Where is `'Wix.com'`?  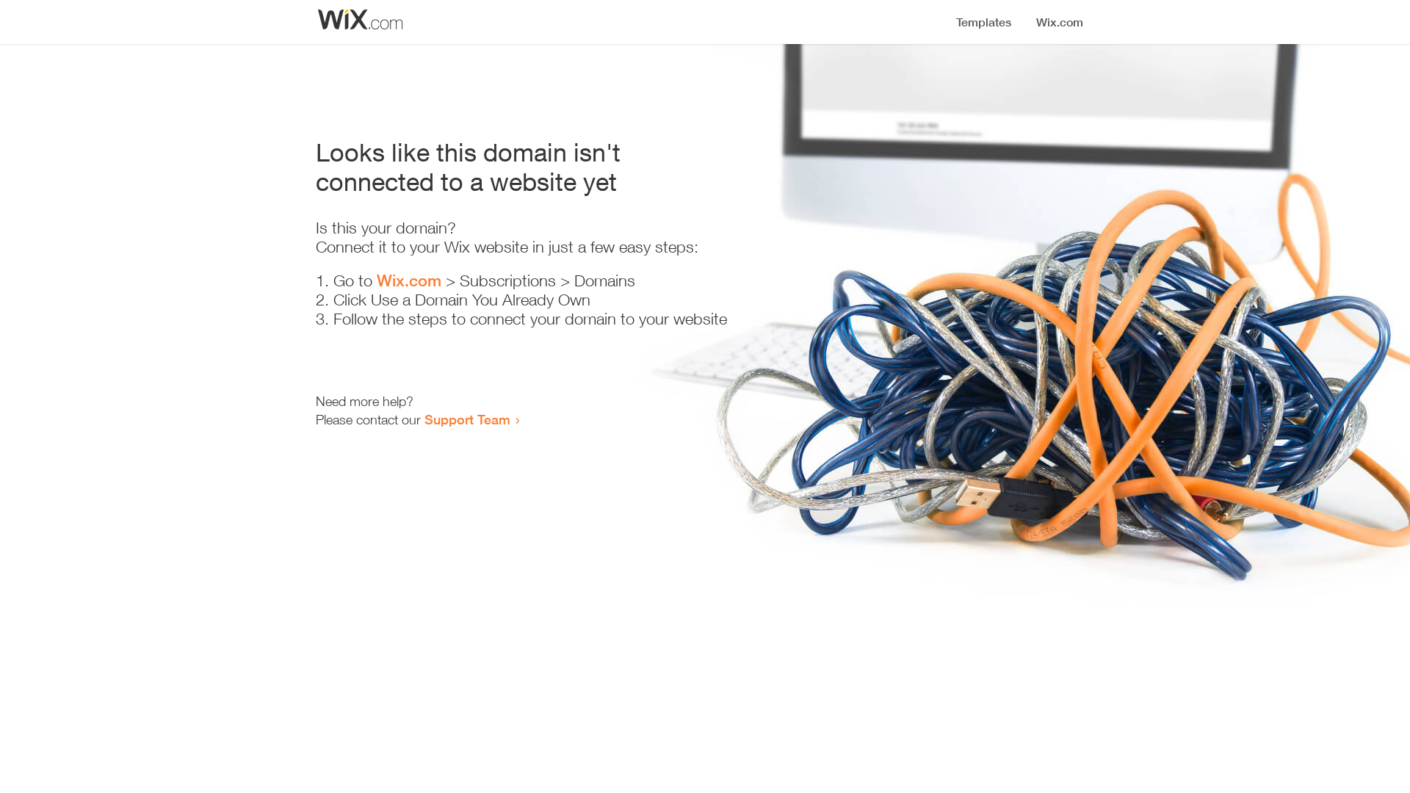 'Wix.com' is located at coordinates (408, 280).